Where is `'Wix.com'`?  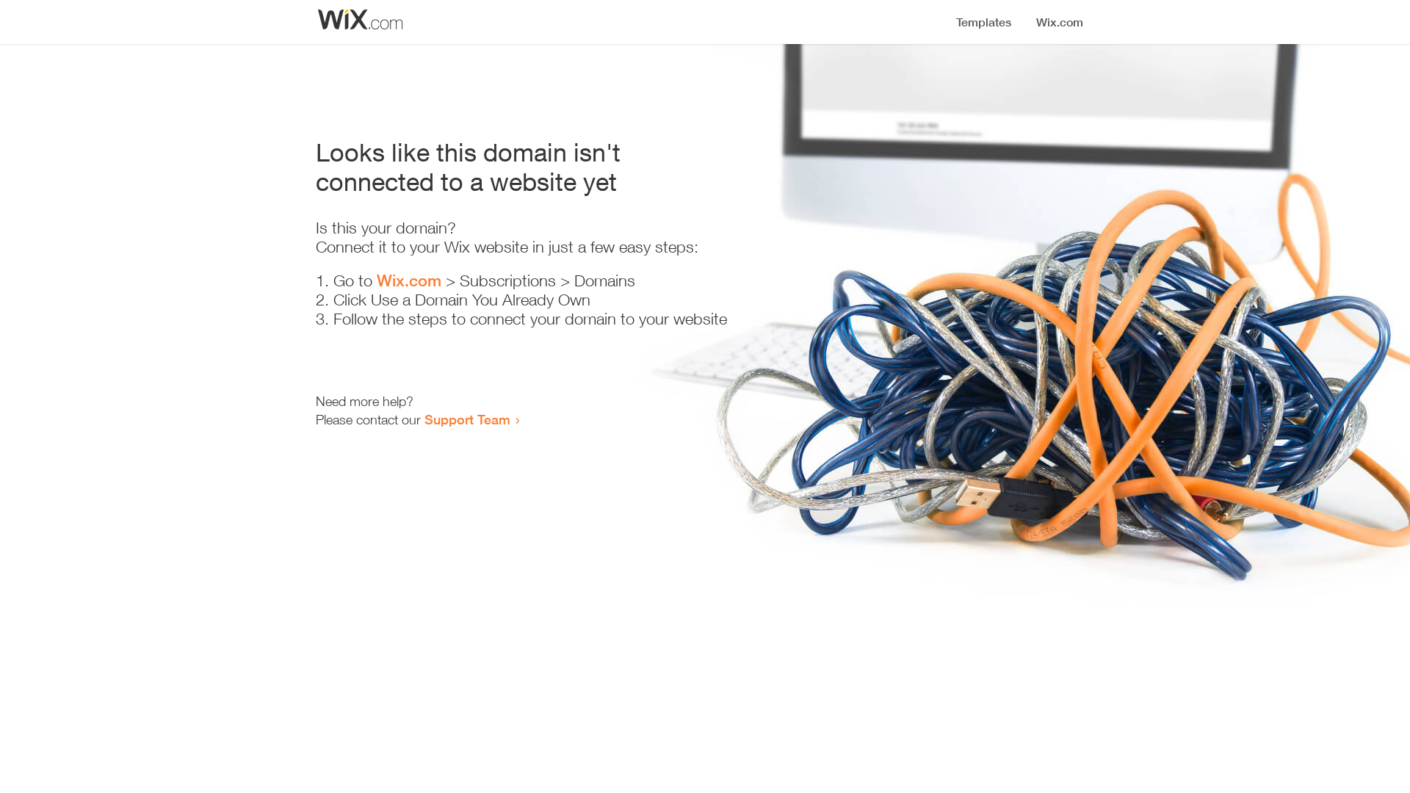 'Wix.com' is located at coordinates (408, 280).